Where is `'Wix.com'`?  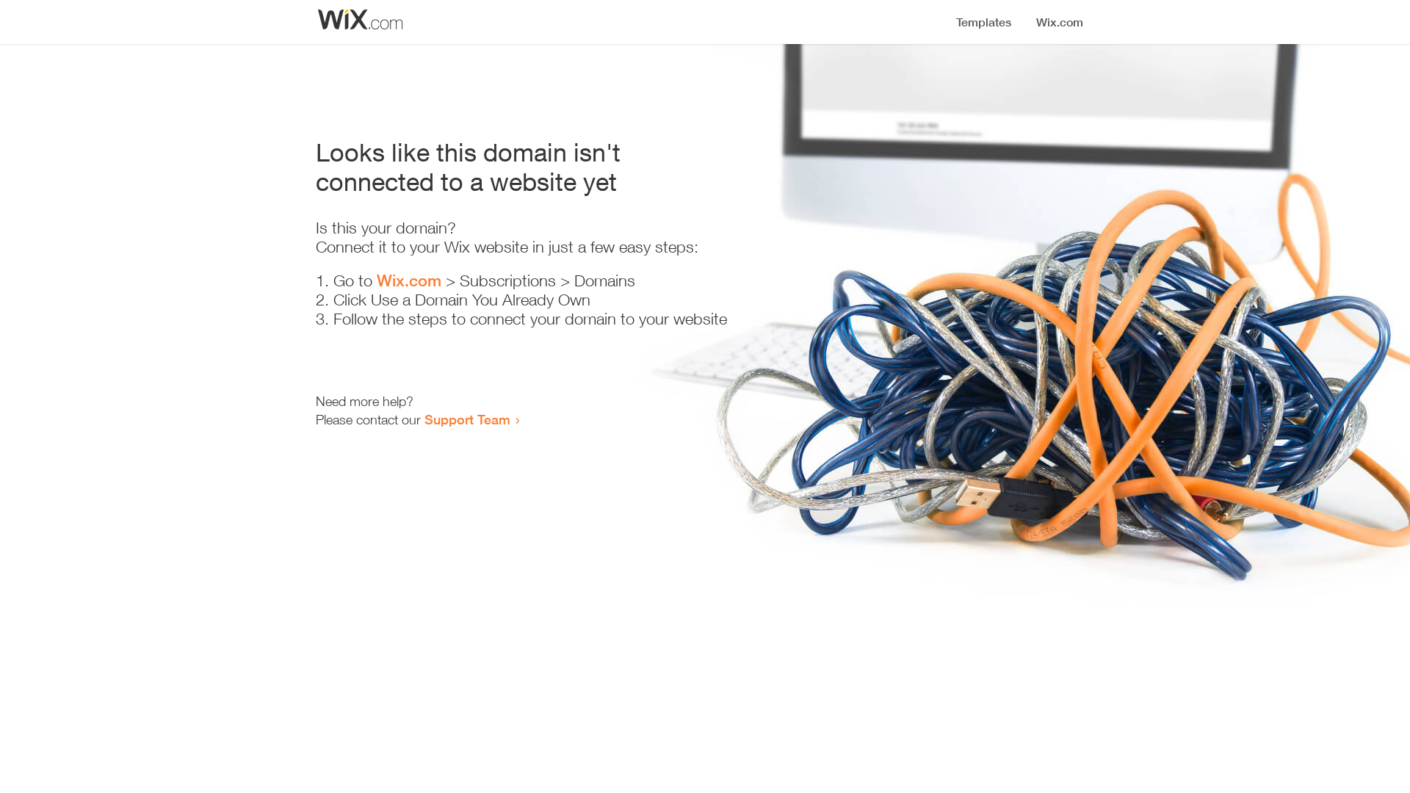 'Wix.com' is located at coordinates (408, 280).